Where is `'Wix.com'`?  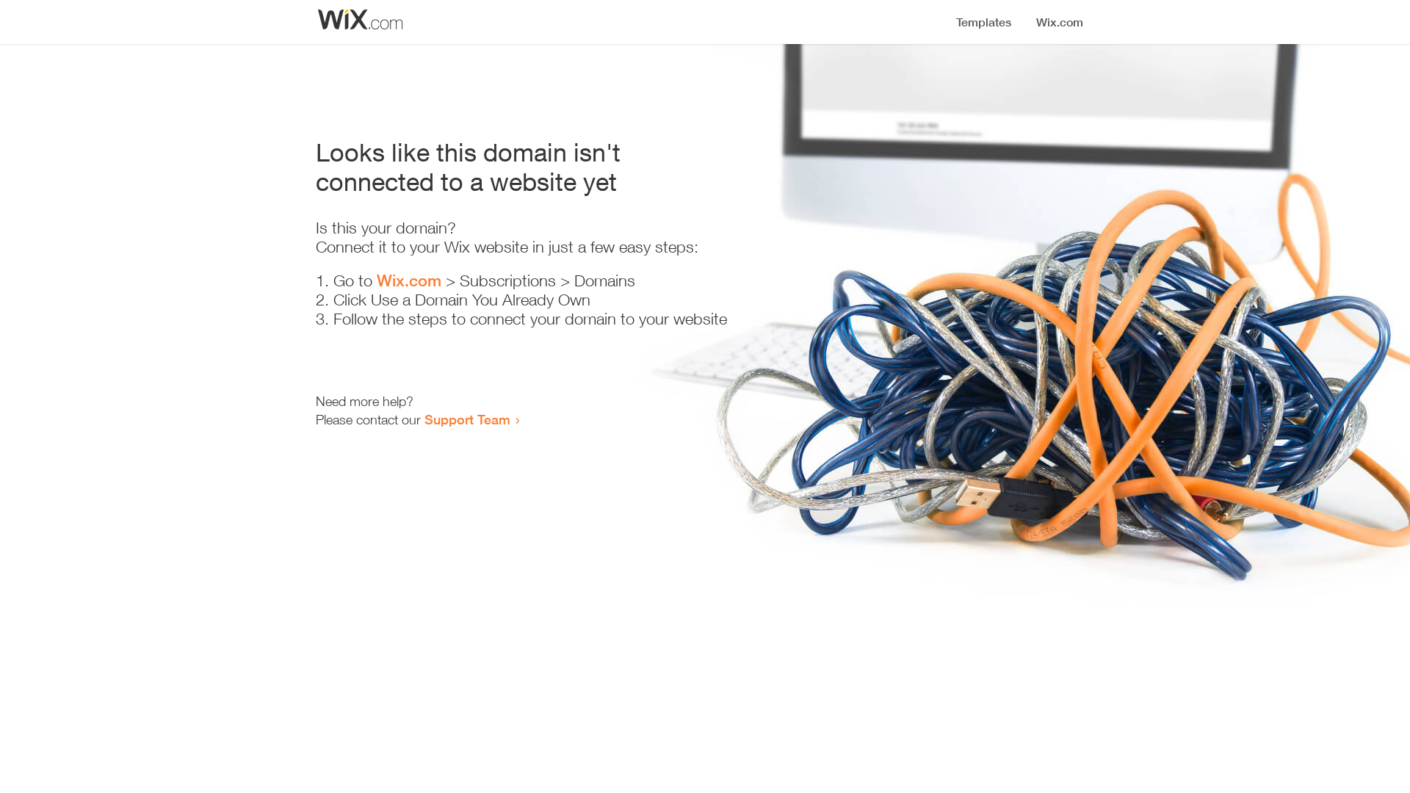 'Wix.com' is located at coordinates (408, 280).